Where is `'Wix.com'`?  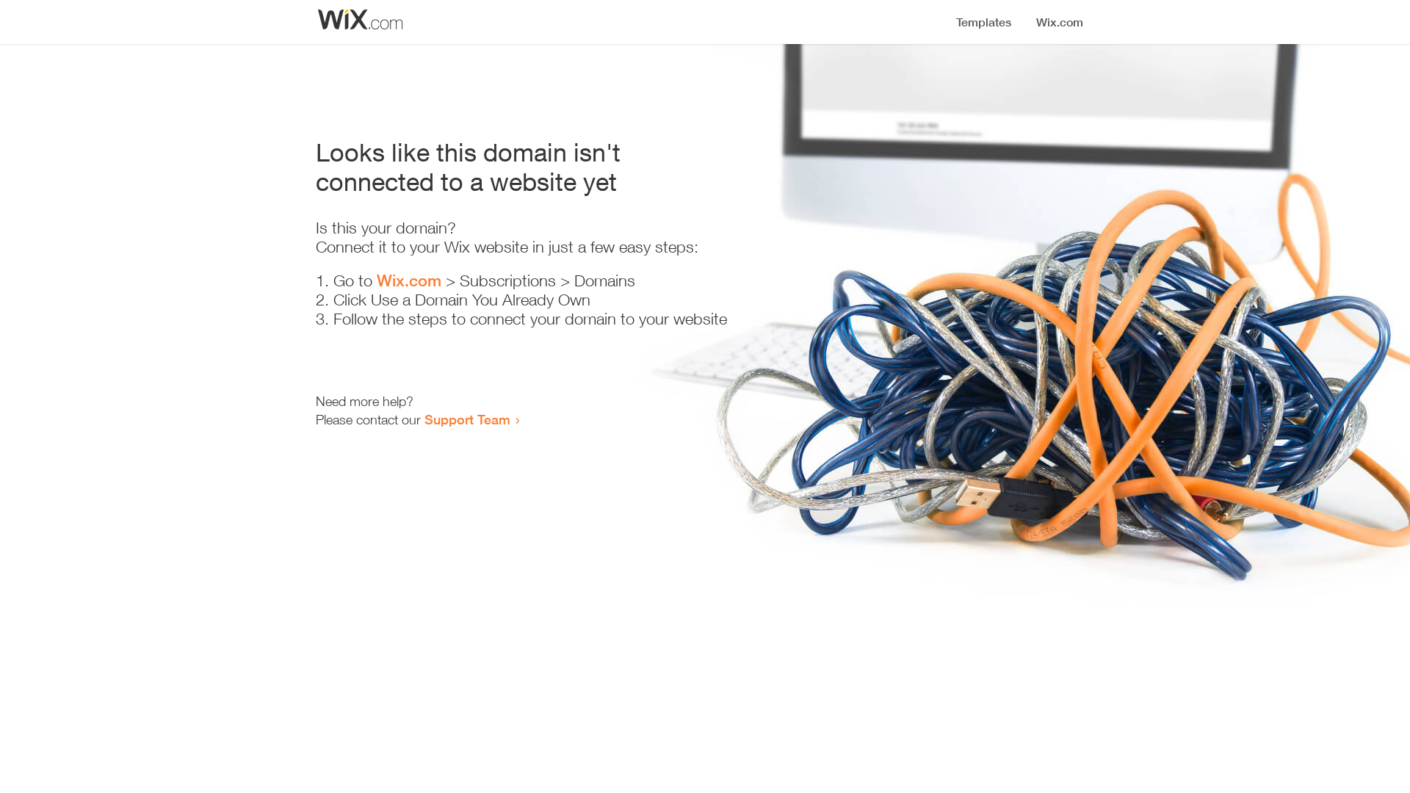 'Wix.com' is located at coordinates (408, 280).